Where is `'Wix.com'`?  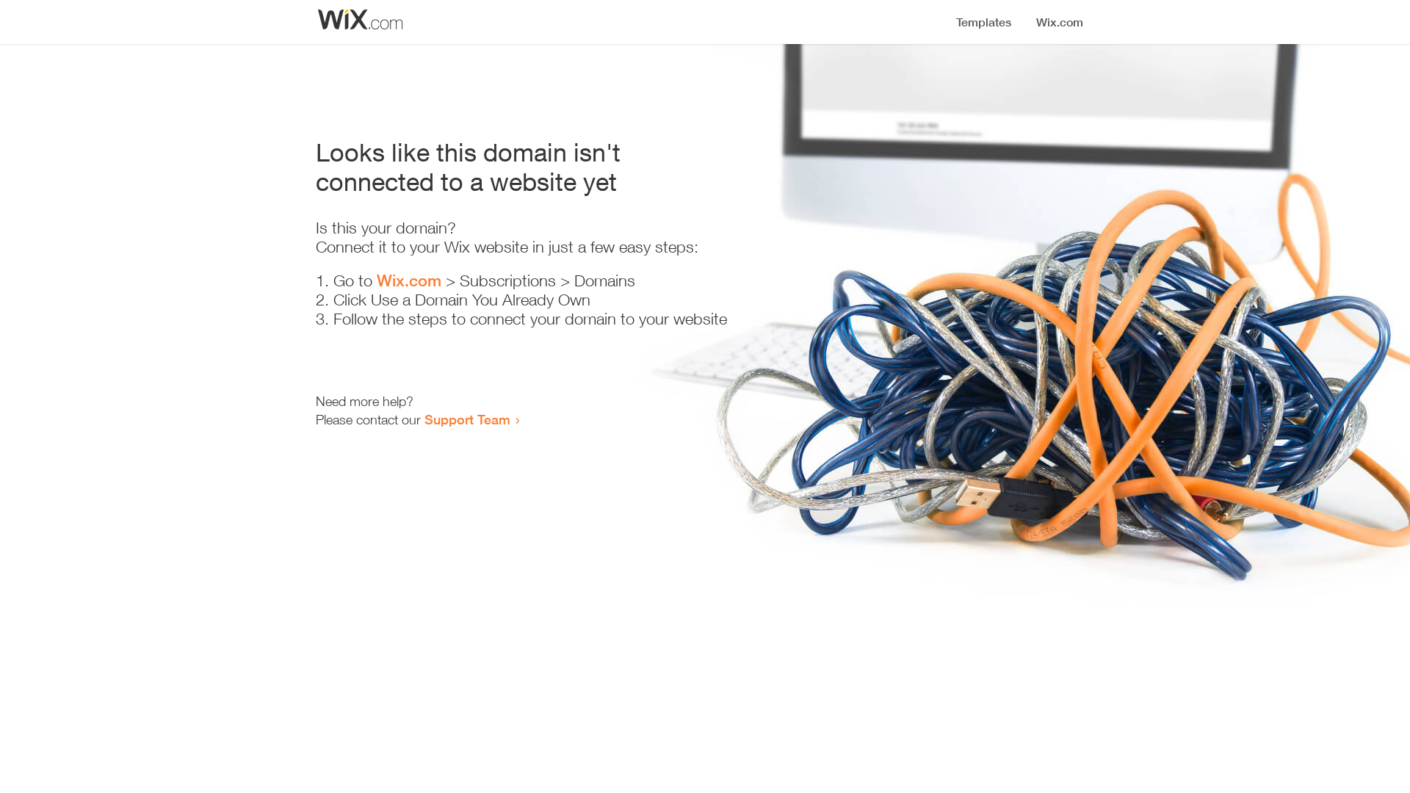 'Wix.com' is located at coordinates (408, 280).